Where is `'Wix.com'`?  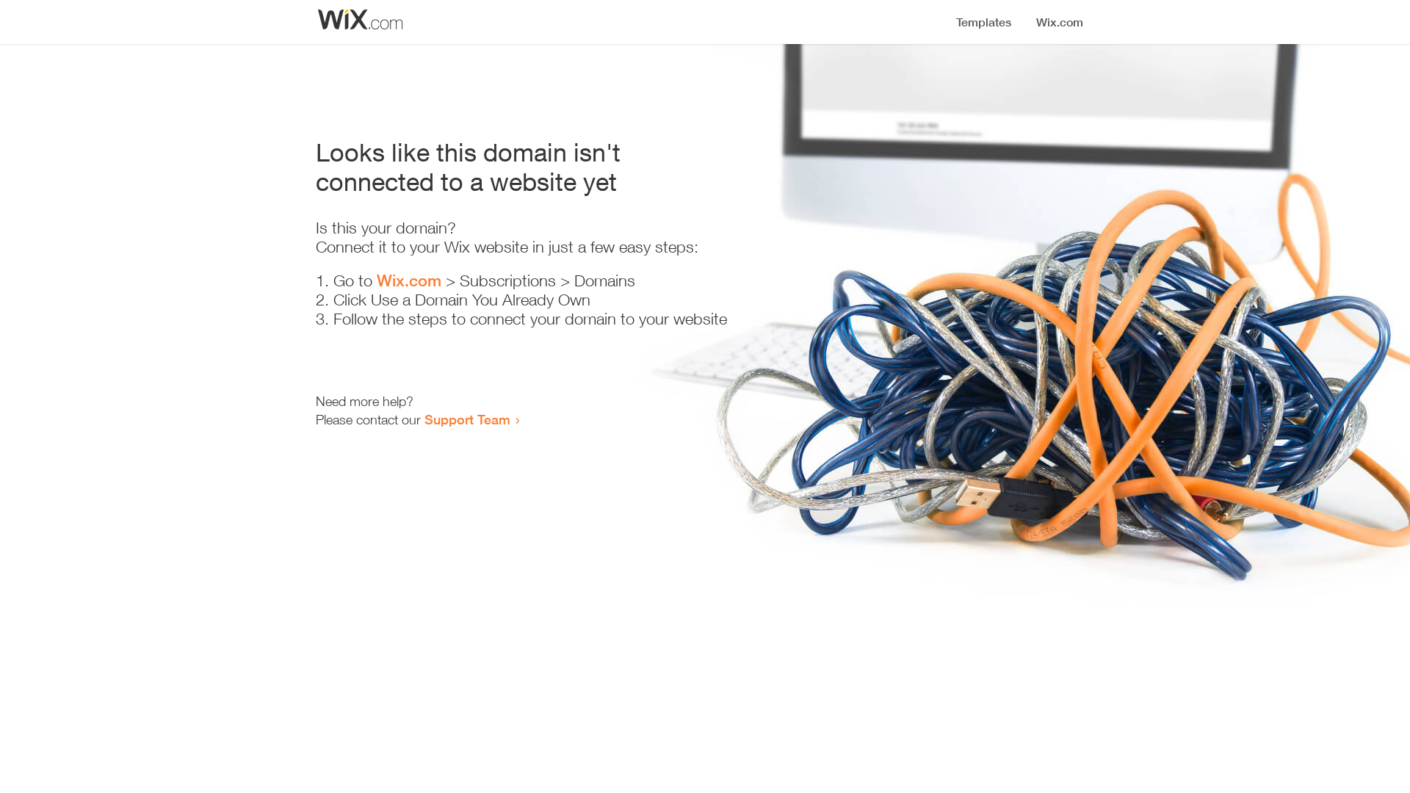 'Wix.com' is located at coordinates (408, 280).